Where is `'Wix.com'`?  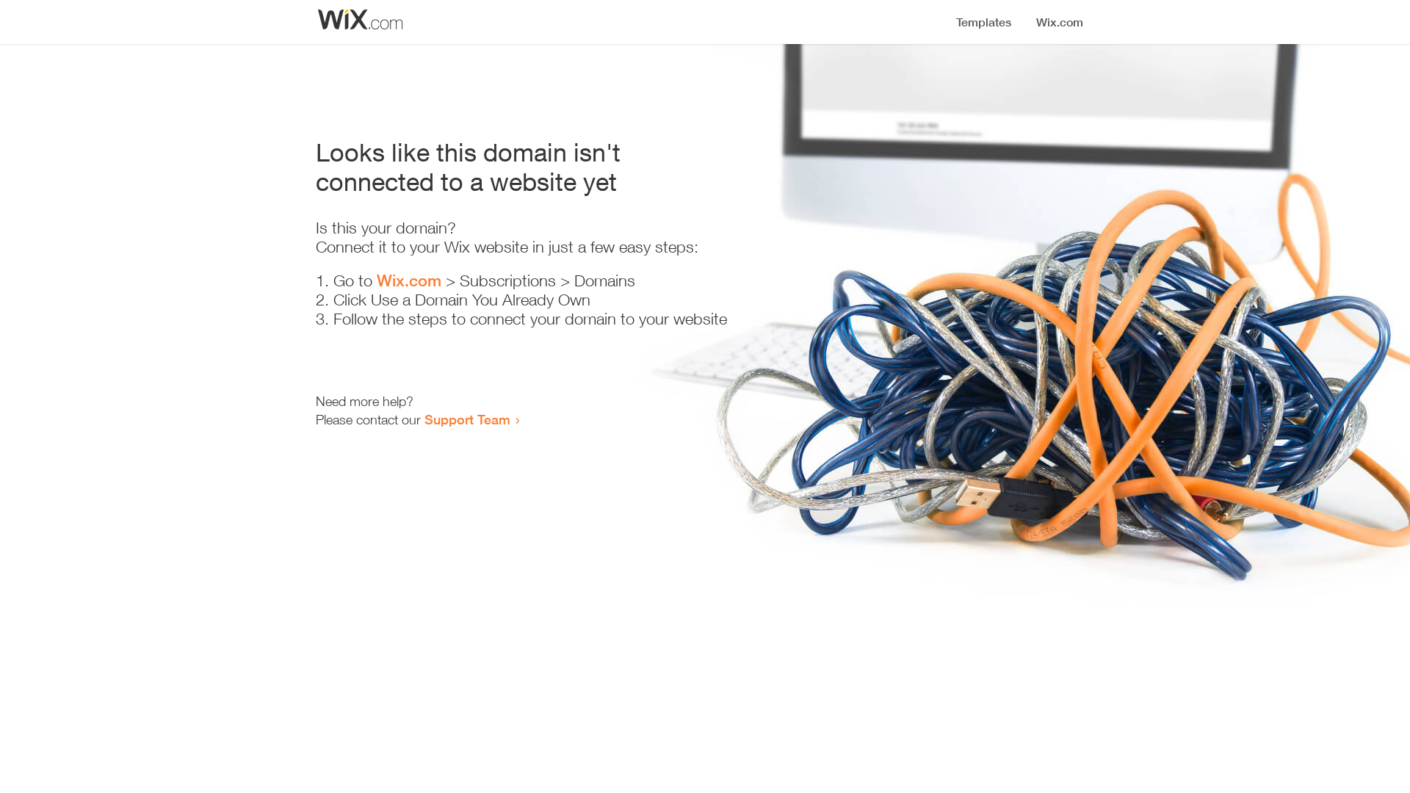 'Wix.com' is located at coordinates (408, 280).